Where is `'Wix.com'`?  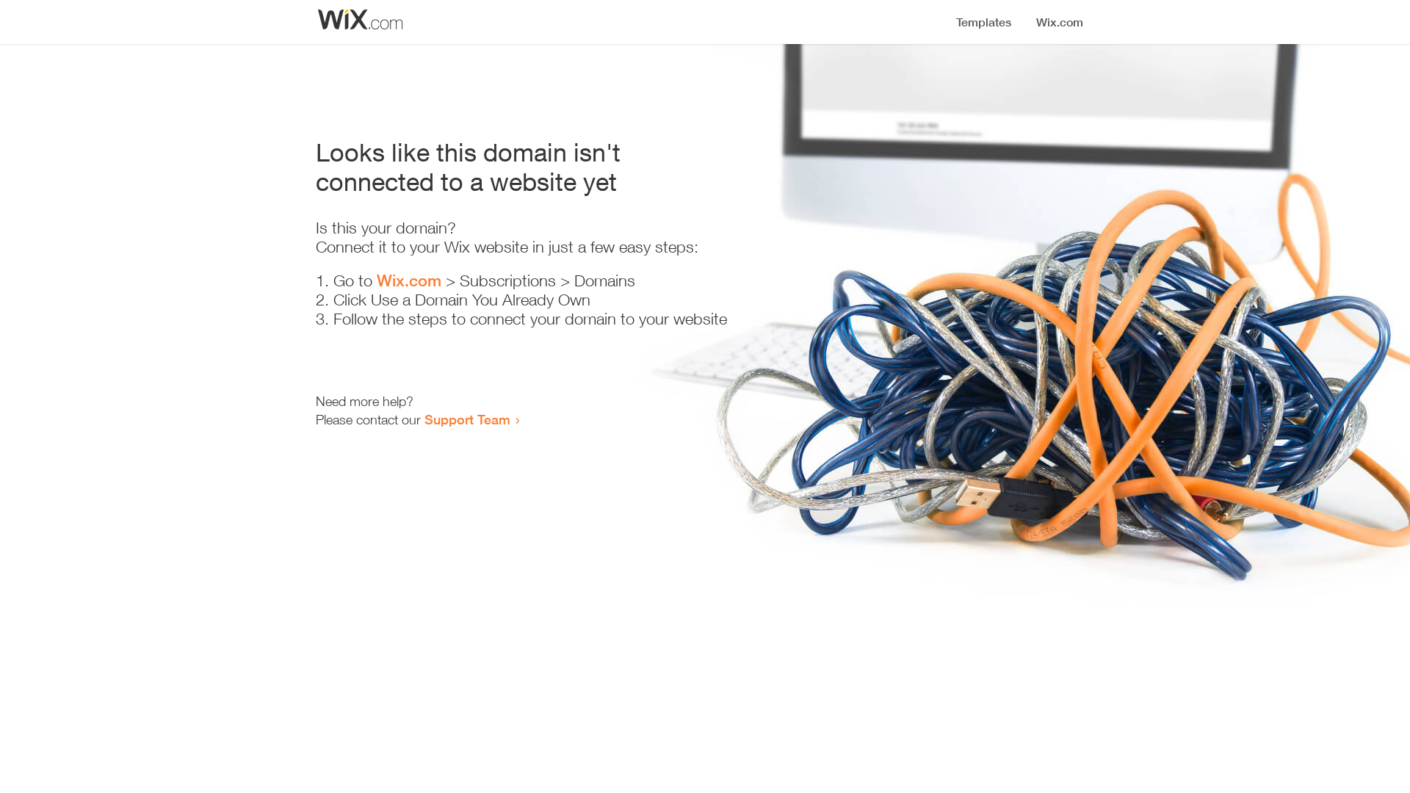 'Wix.com' is located at coordinates (408, 280).